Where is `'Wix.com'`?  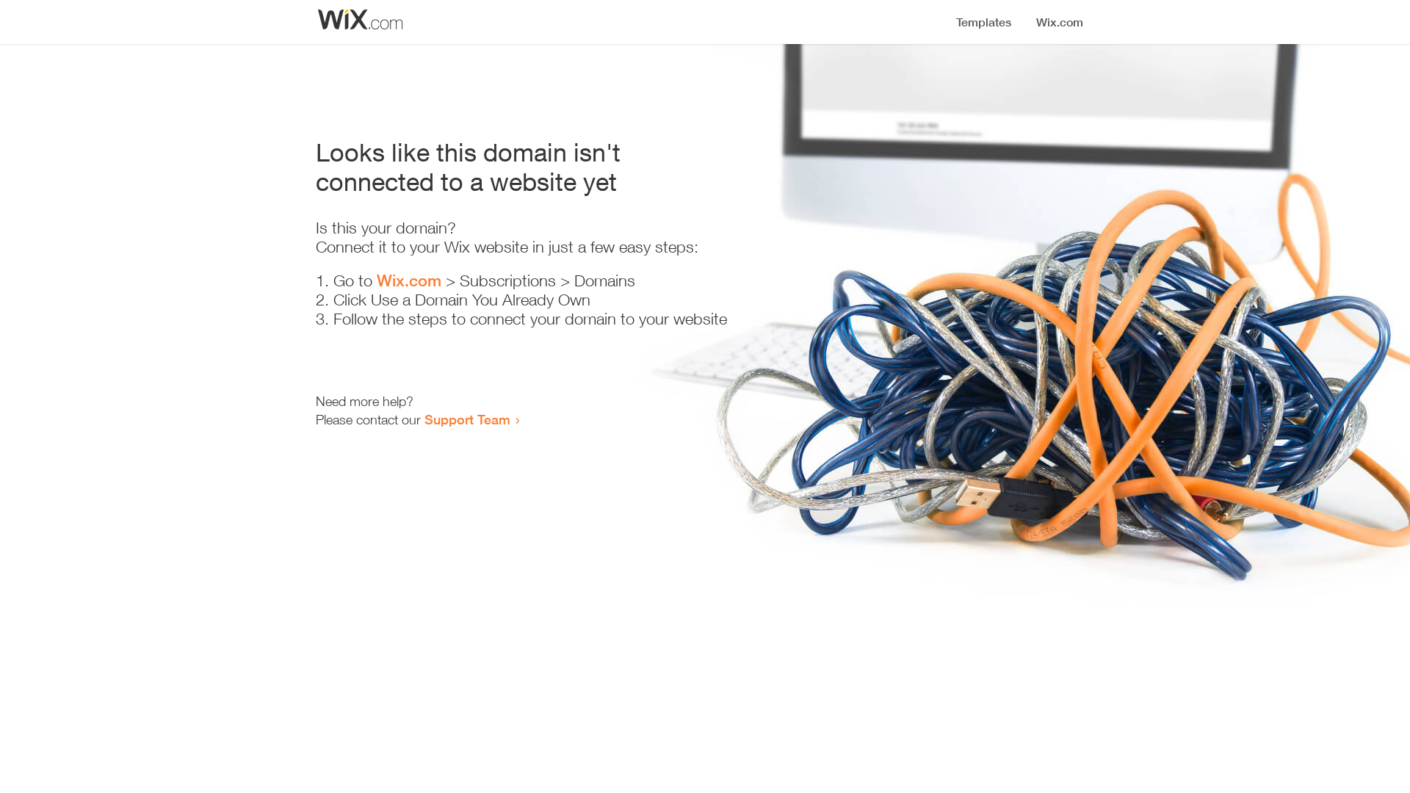 'Wix.com' is located at coordinates (408, 280).